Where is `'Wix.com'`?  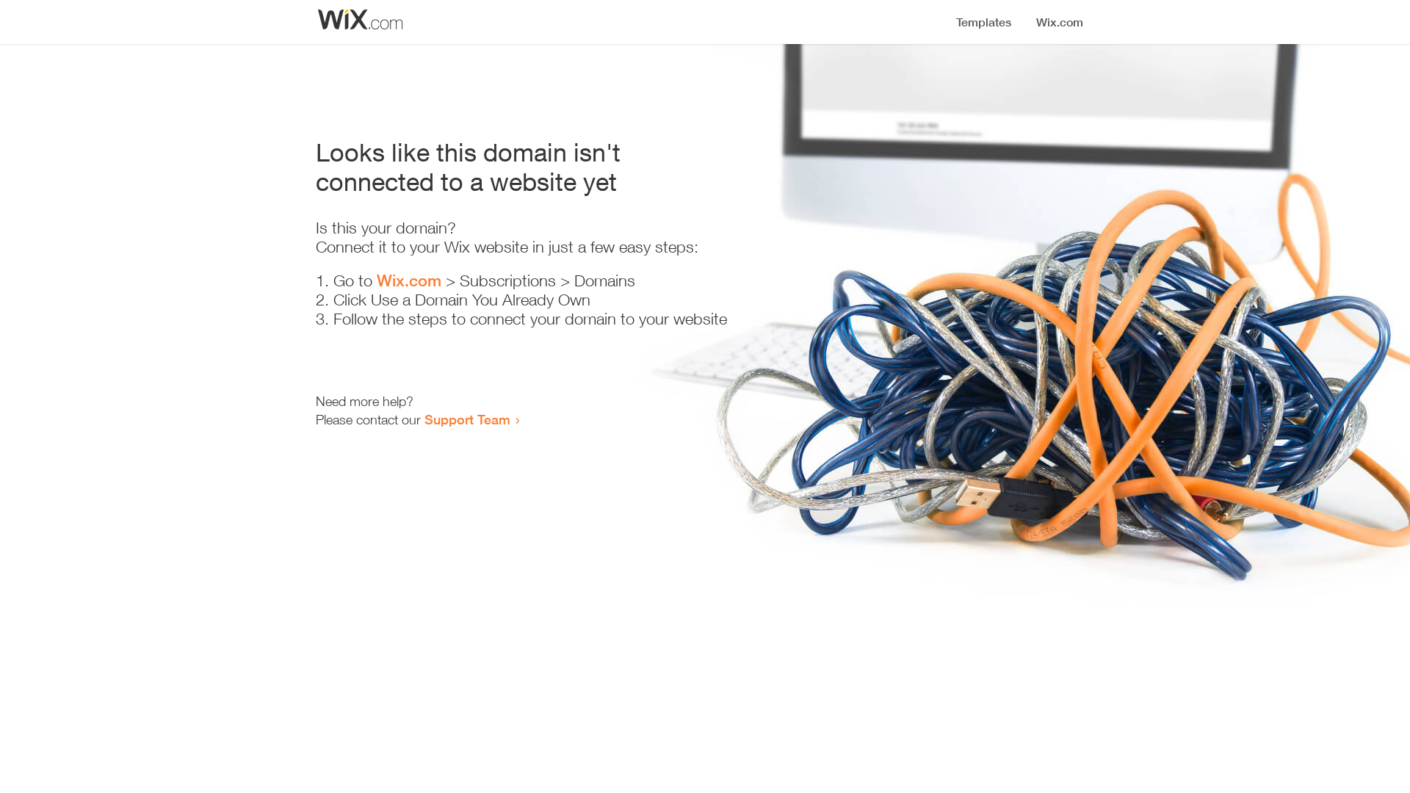 'Wix.com' is located at coordinates (408, 280).